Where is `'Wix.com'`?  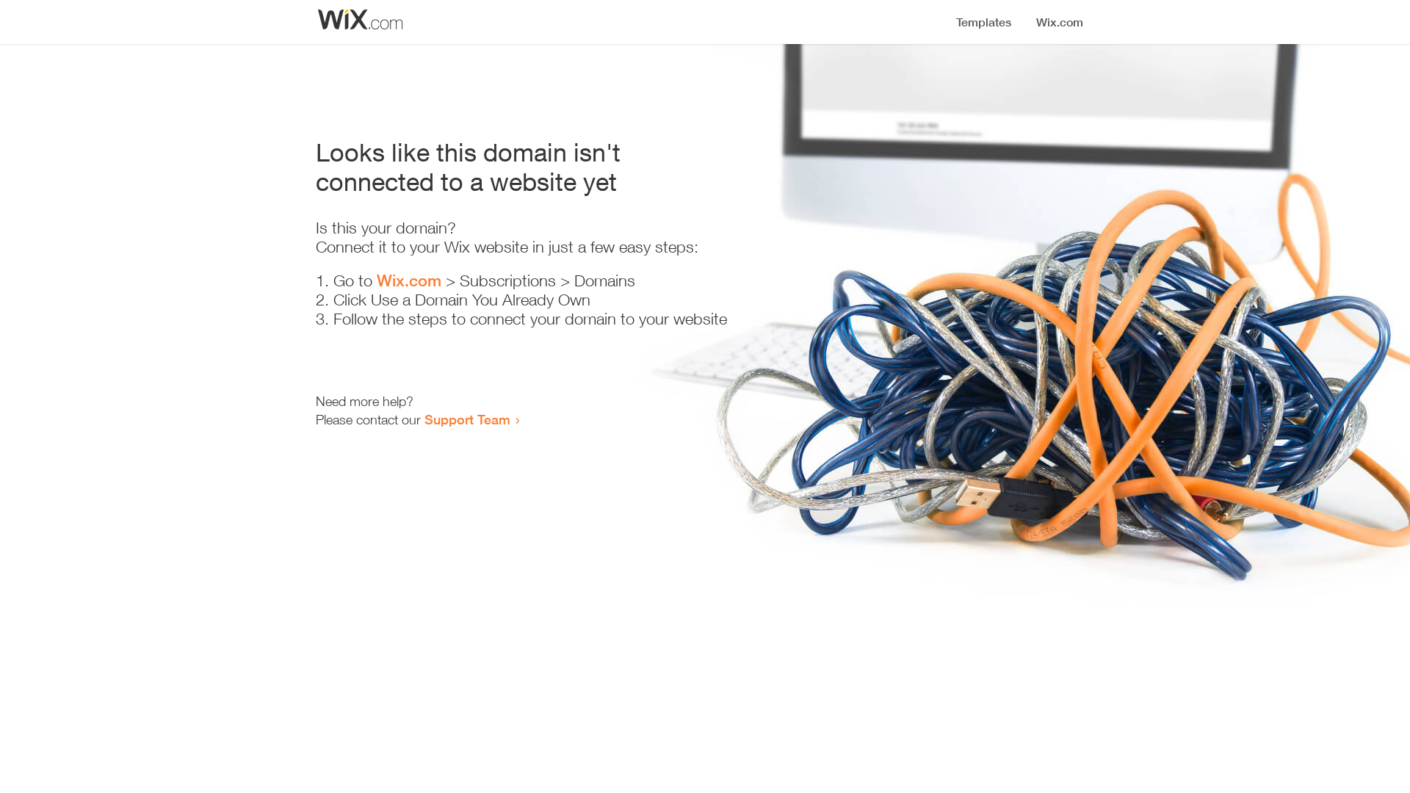 'Wix.com' is located at coordinates (408, 280).